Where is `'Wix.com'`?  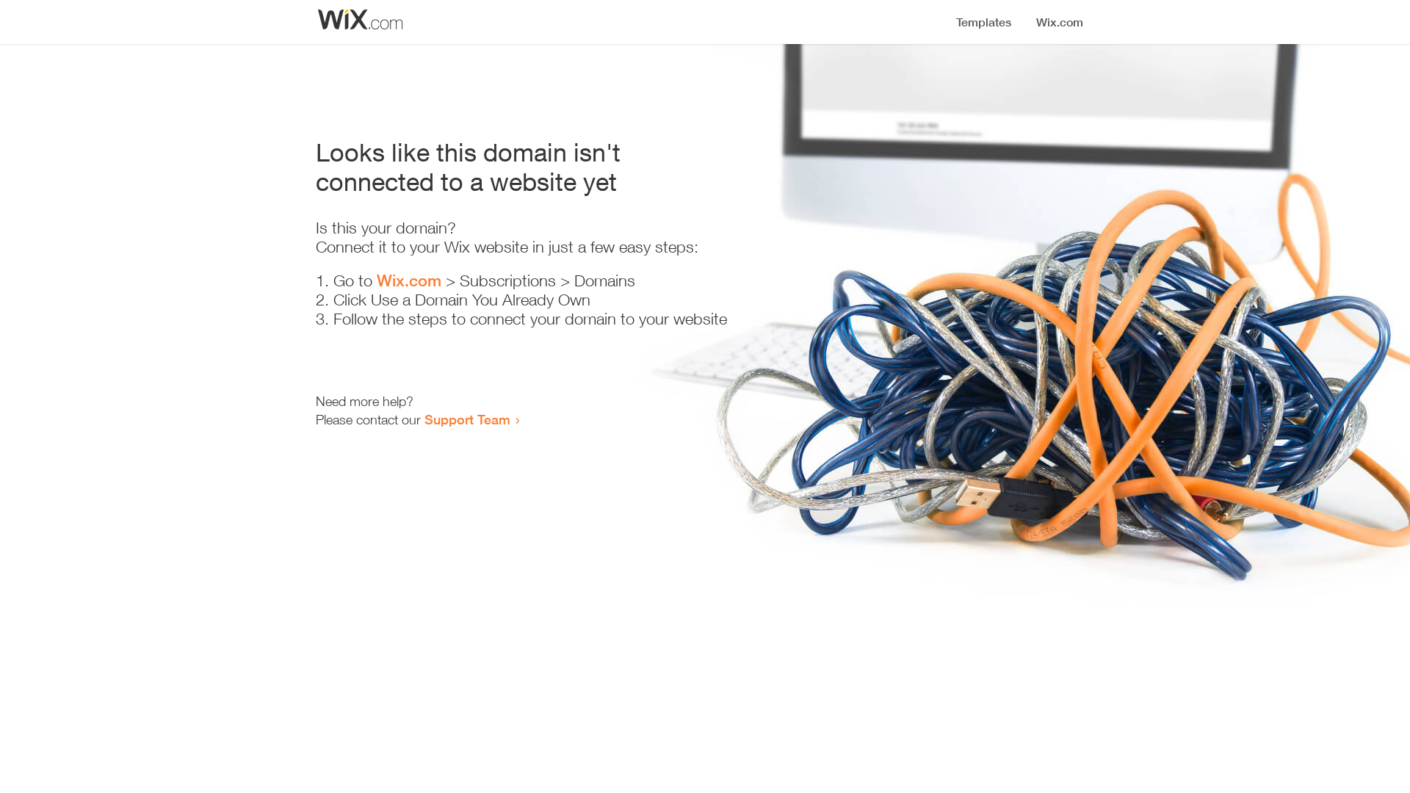 'Wix.com' is located at coordinates (408, 280).